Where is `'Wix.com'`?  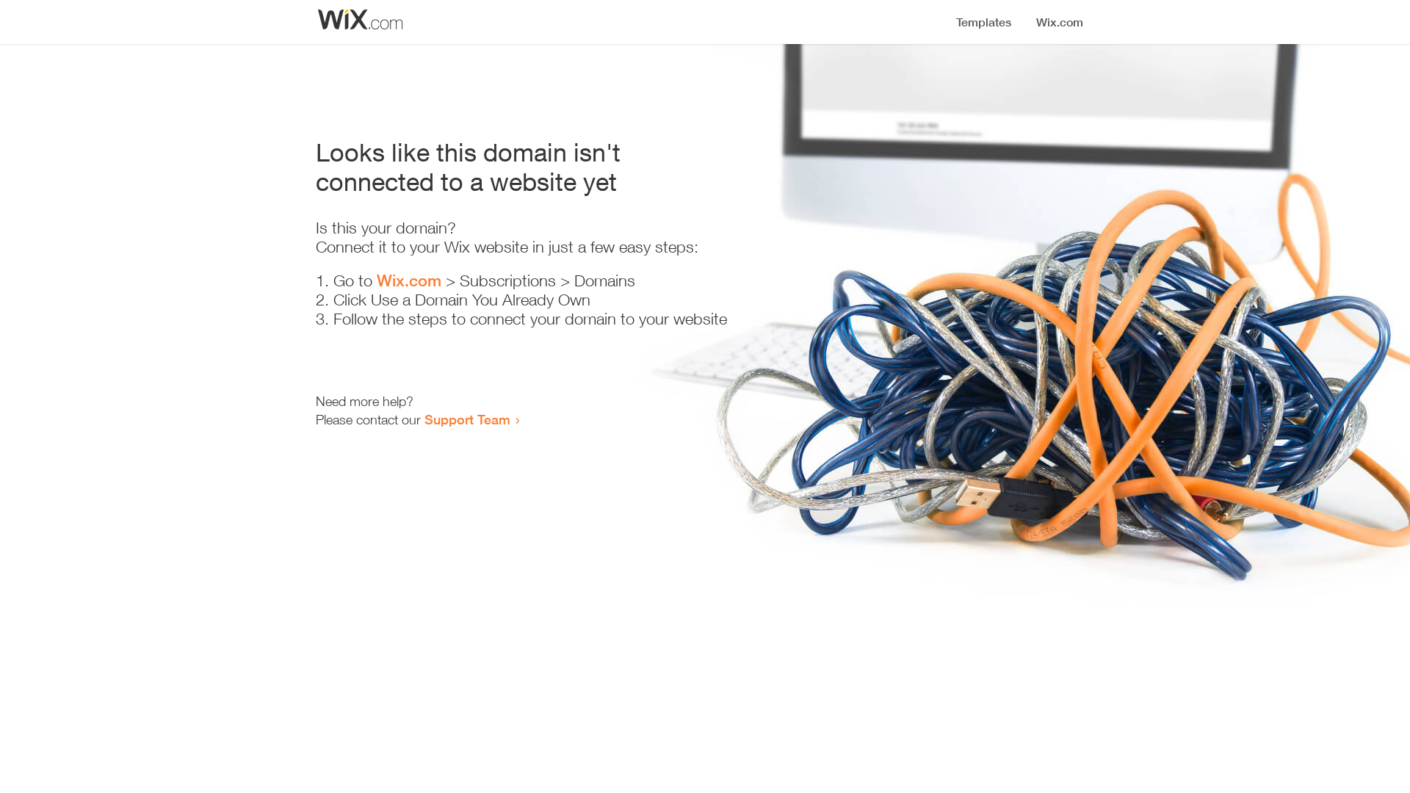 'Wix.com' is located at coordinates (408, 280).